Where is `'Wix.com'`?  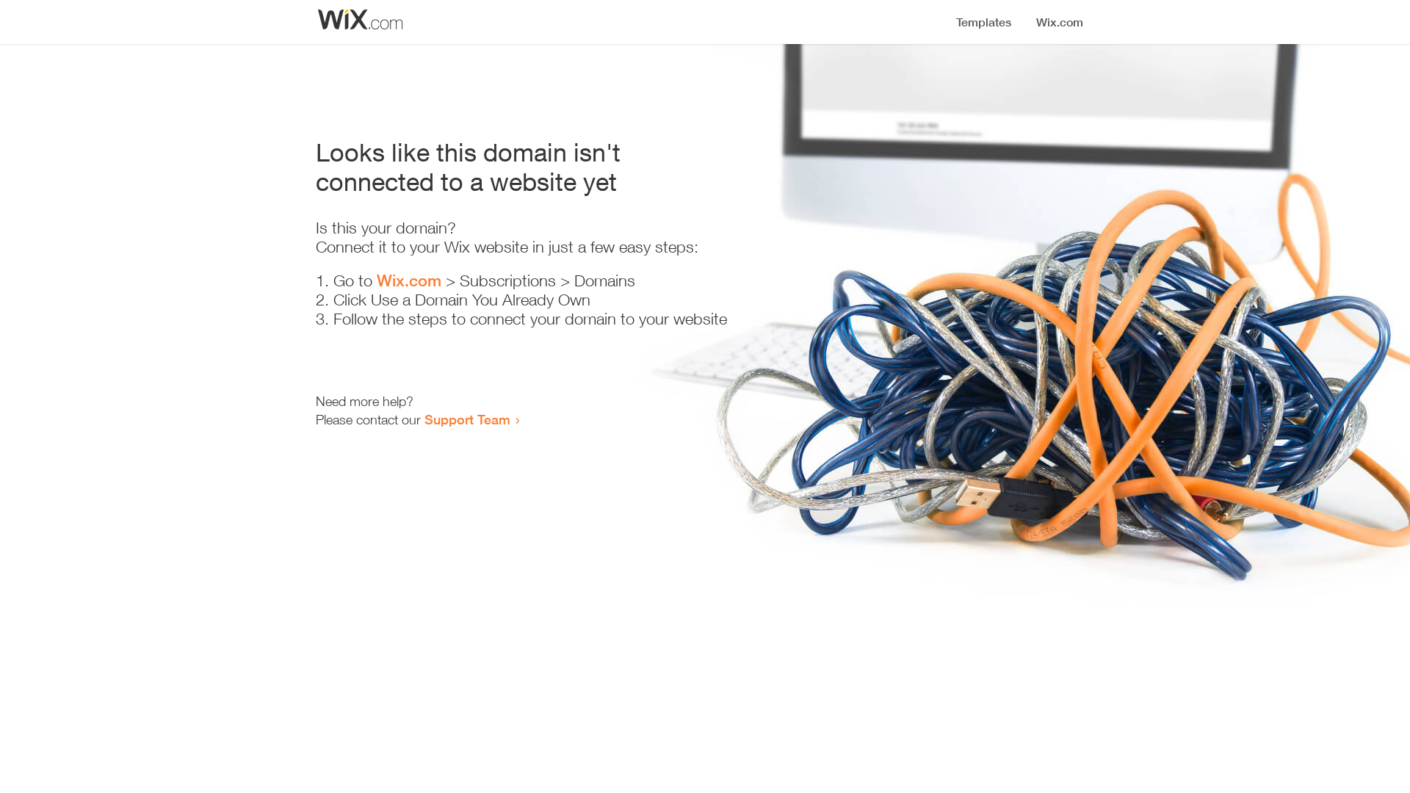 'Wix.com' is located at coordinates (408, 280).